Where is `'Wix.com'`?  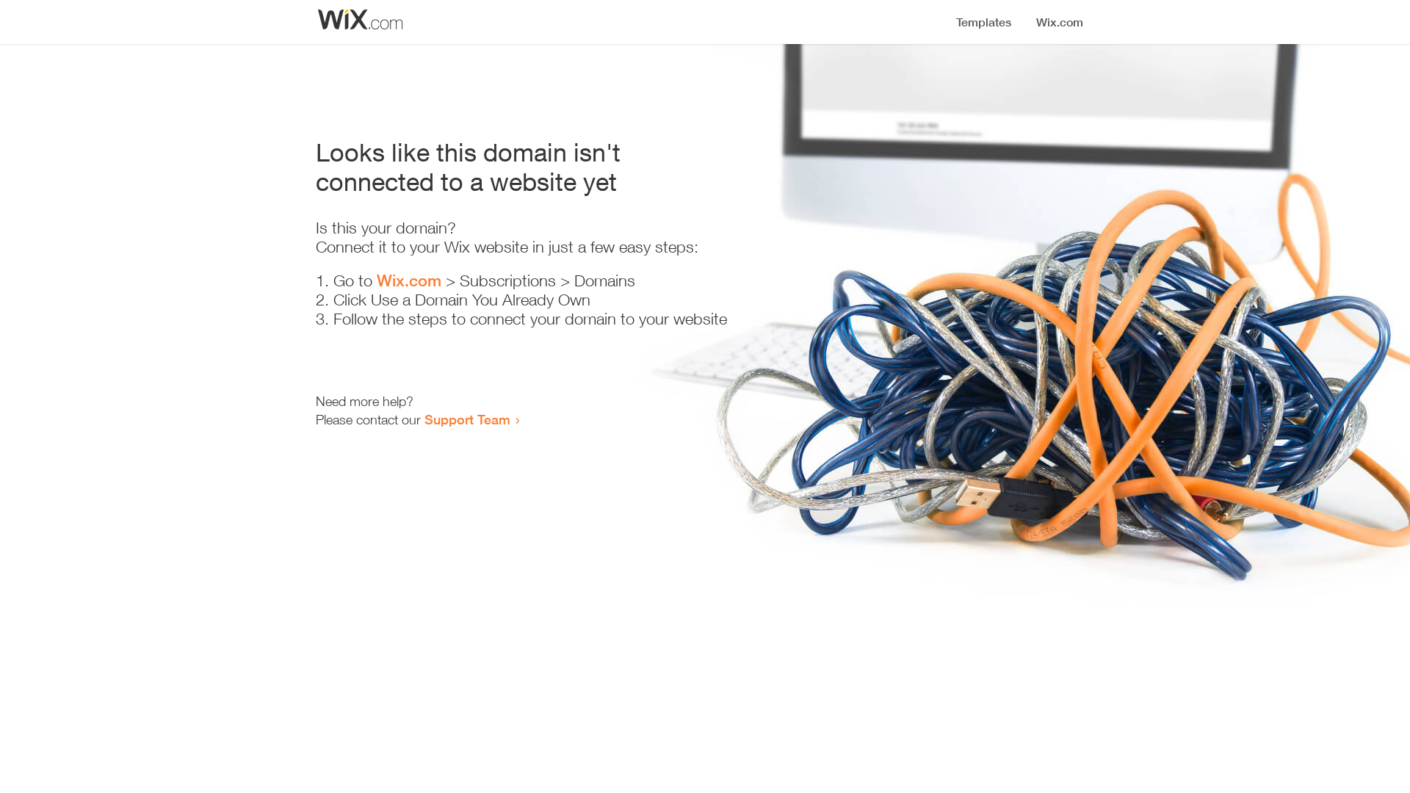 'Wix.com' is located at coordinates (408, 280).